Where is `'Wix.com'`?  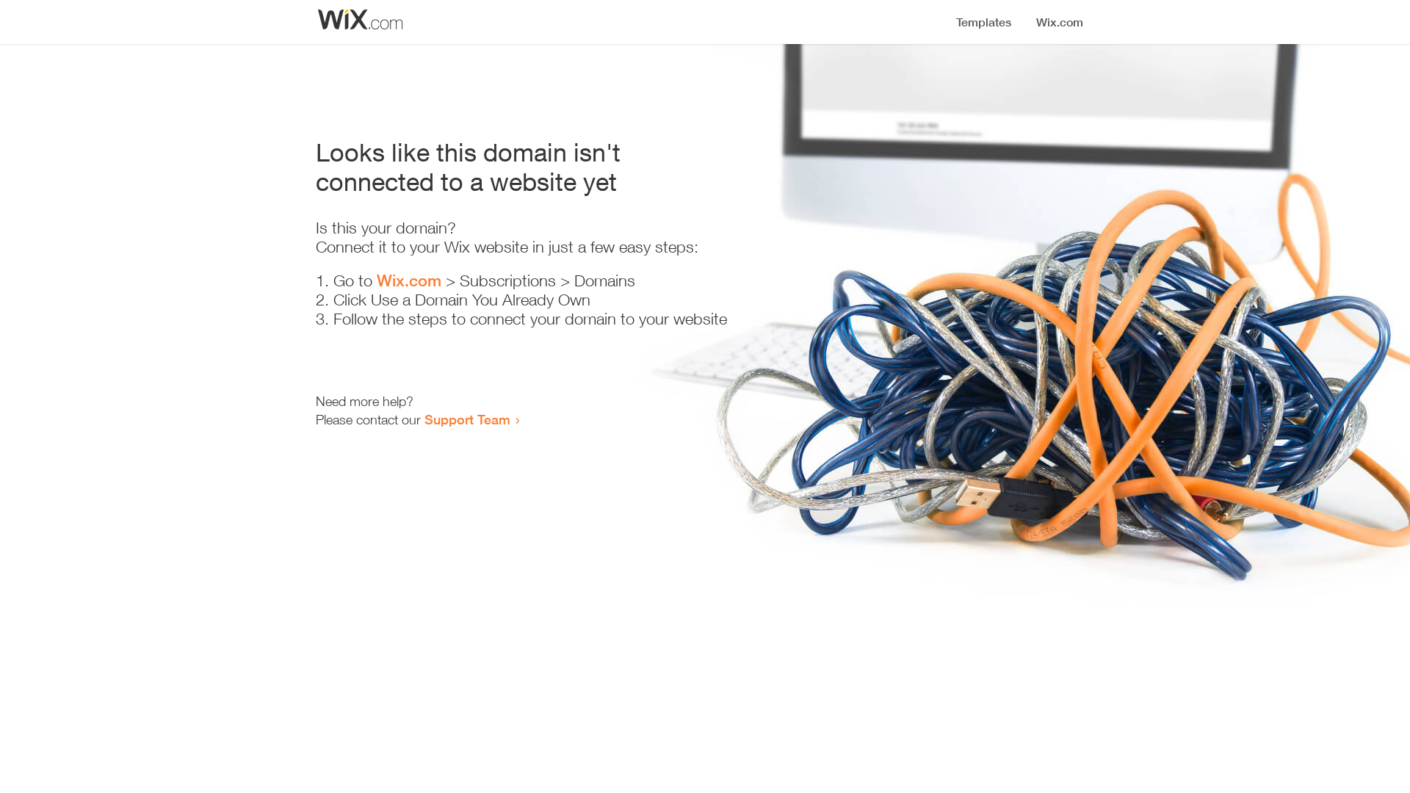 'Wix.com' is located at coordinates (408, 280).